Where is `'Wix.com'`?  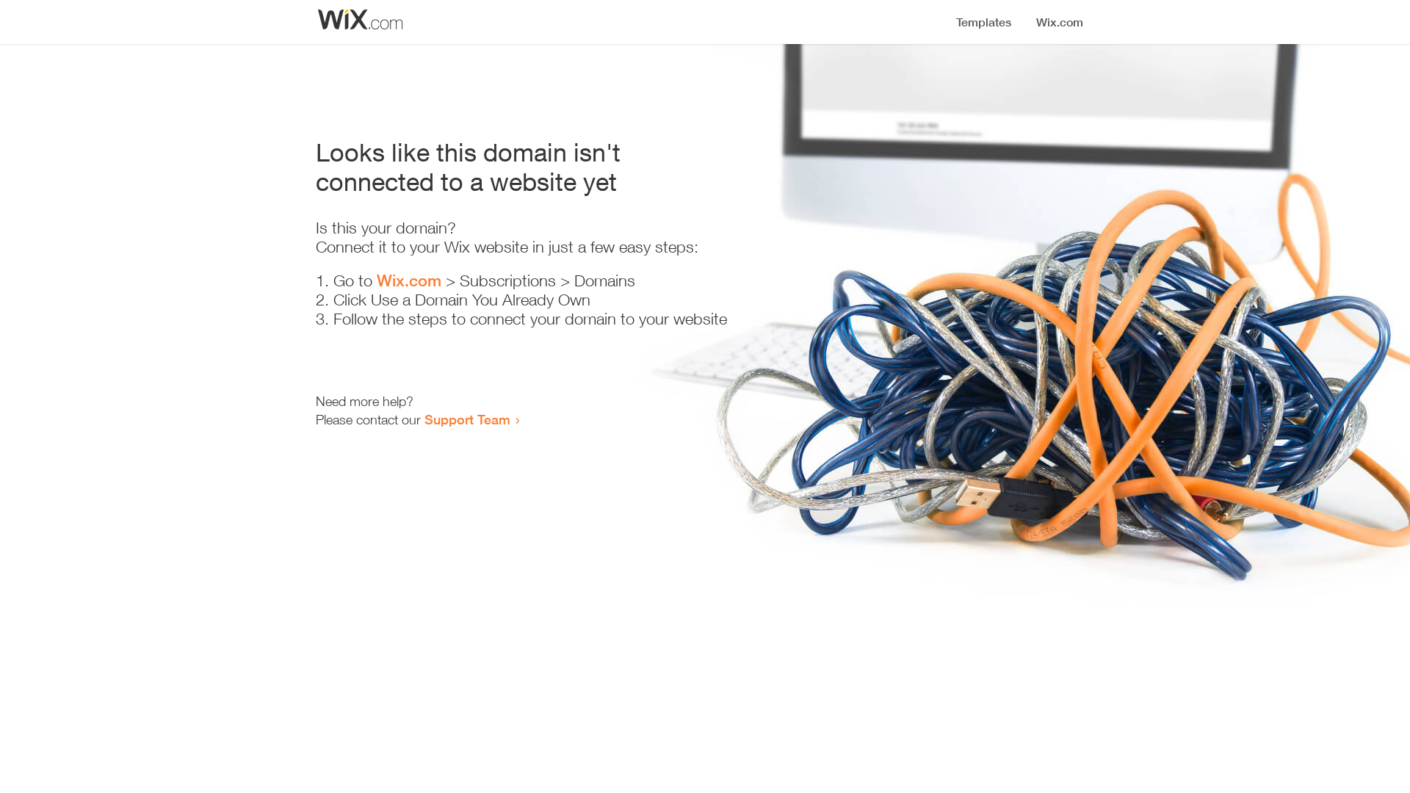 'Wix.com' is located at coordinates (408, 280).